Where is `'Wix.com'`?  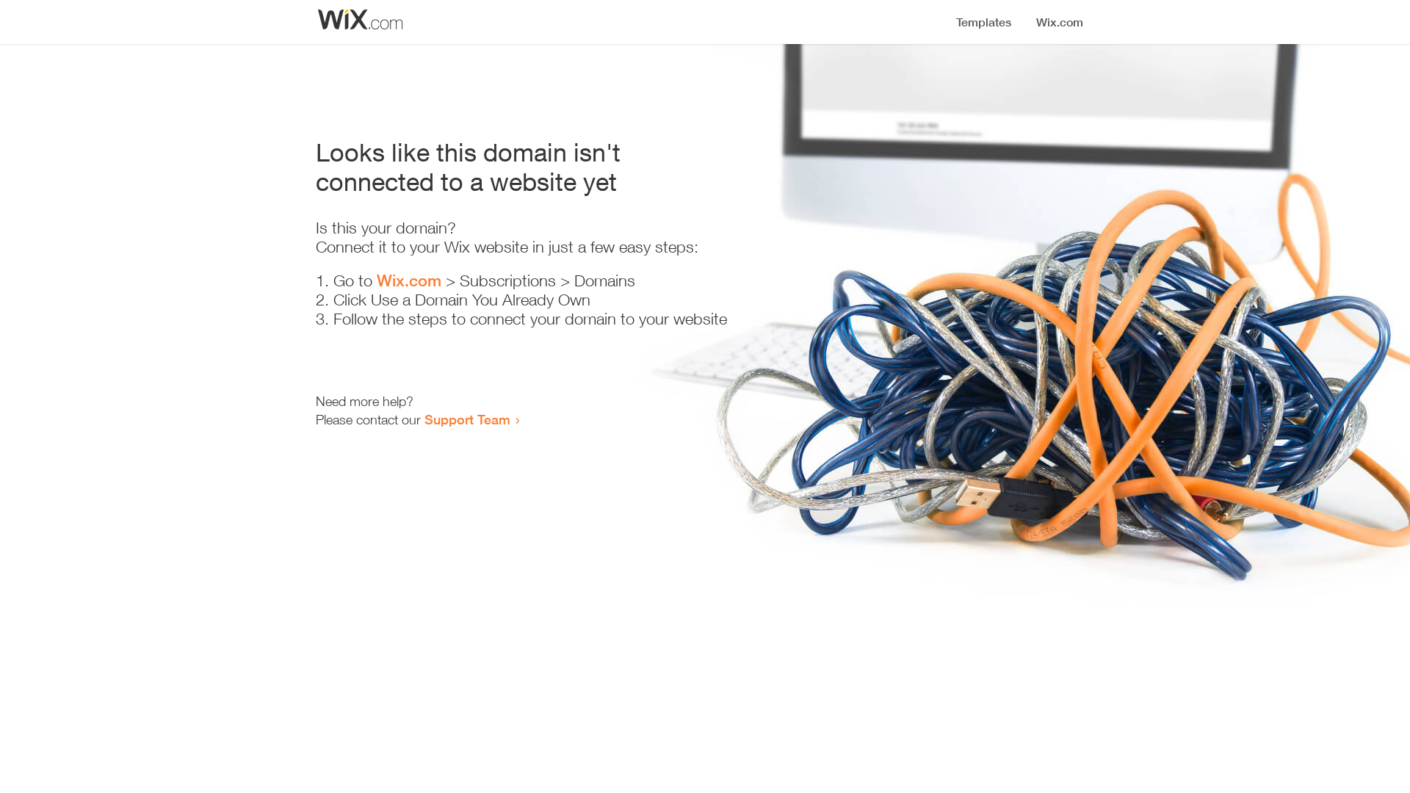 'Wix.com' is located at coordinates (408, 280).